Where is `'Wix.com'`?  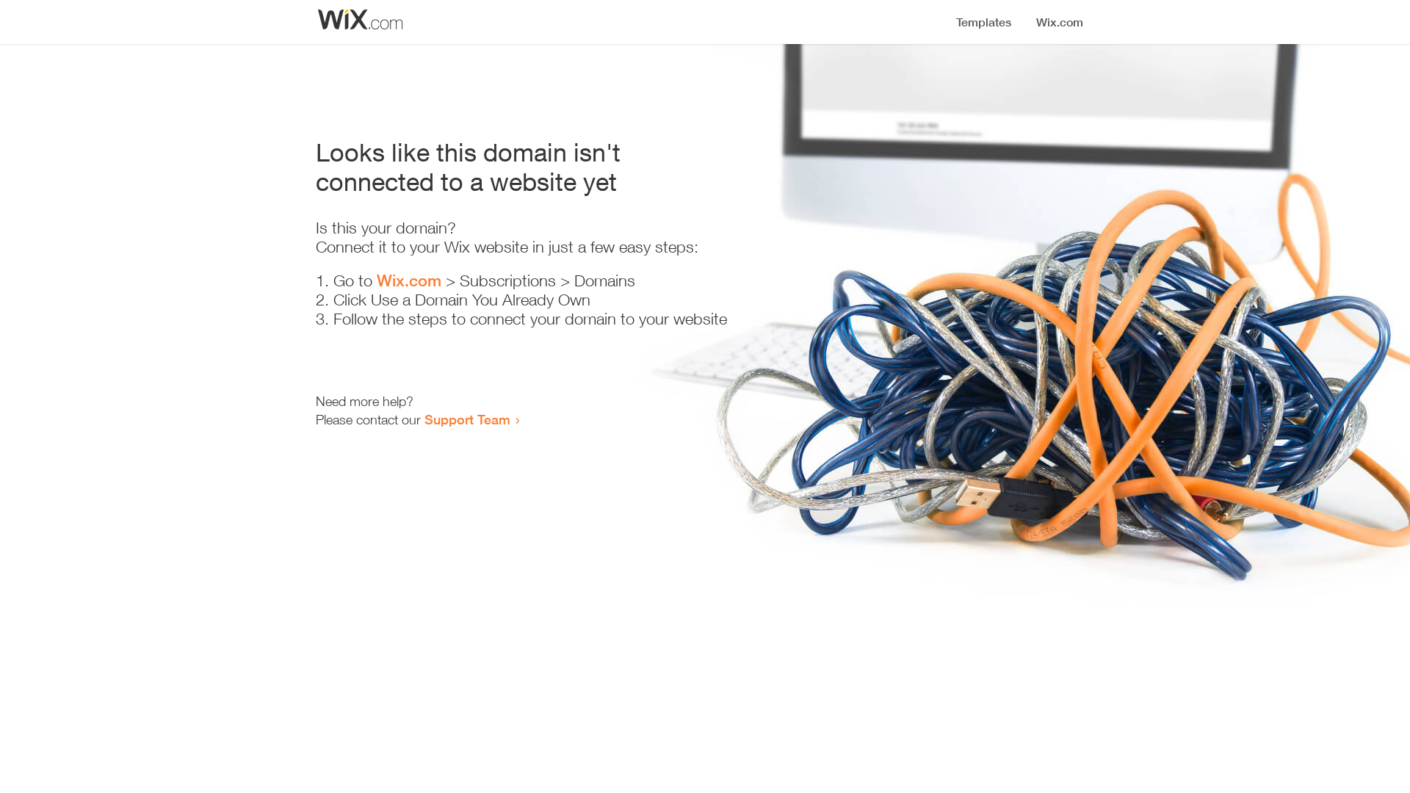 'Wix.com' is located at coordinates (408, 280).